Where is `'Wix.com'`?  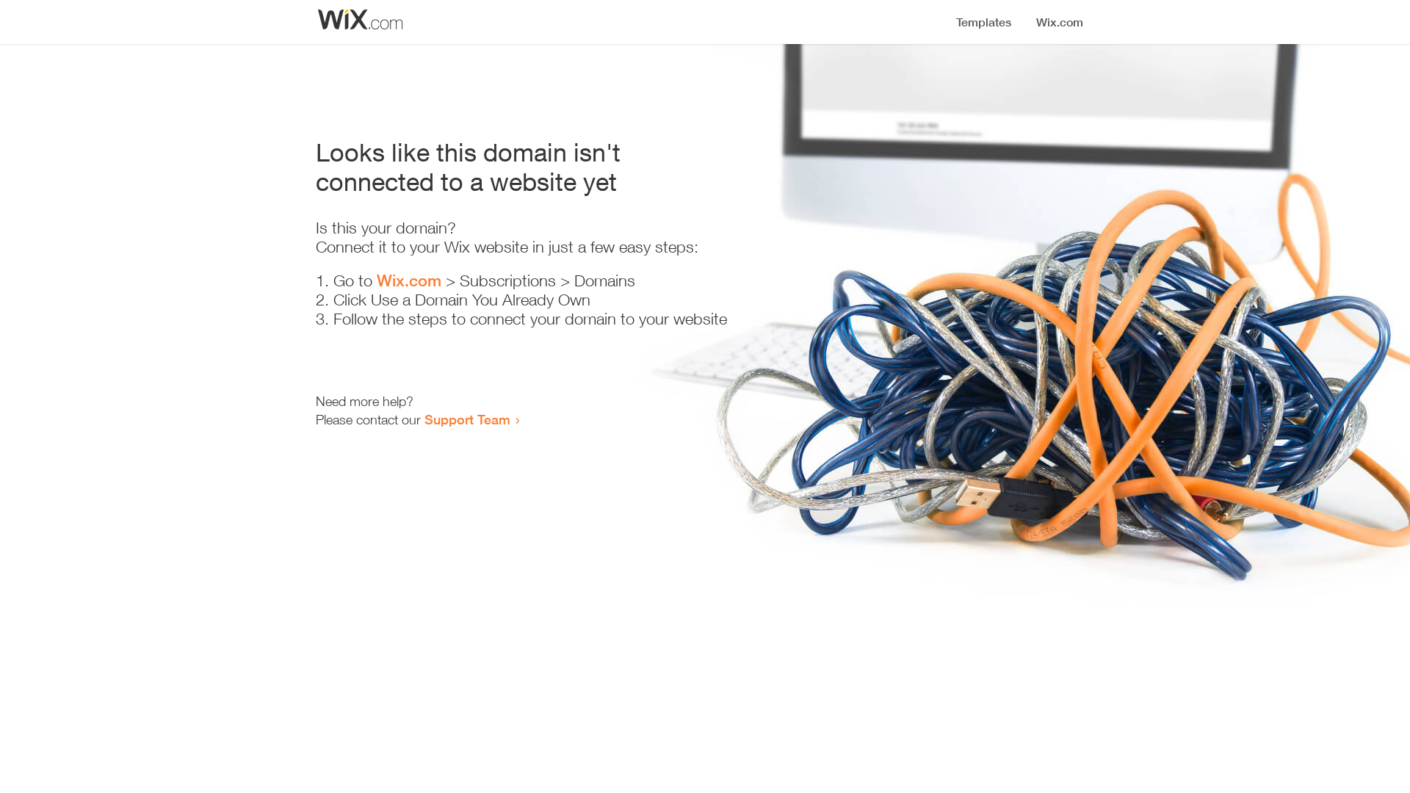 'Wix.com' is located at coordinates (408, 280).